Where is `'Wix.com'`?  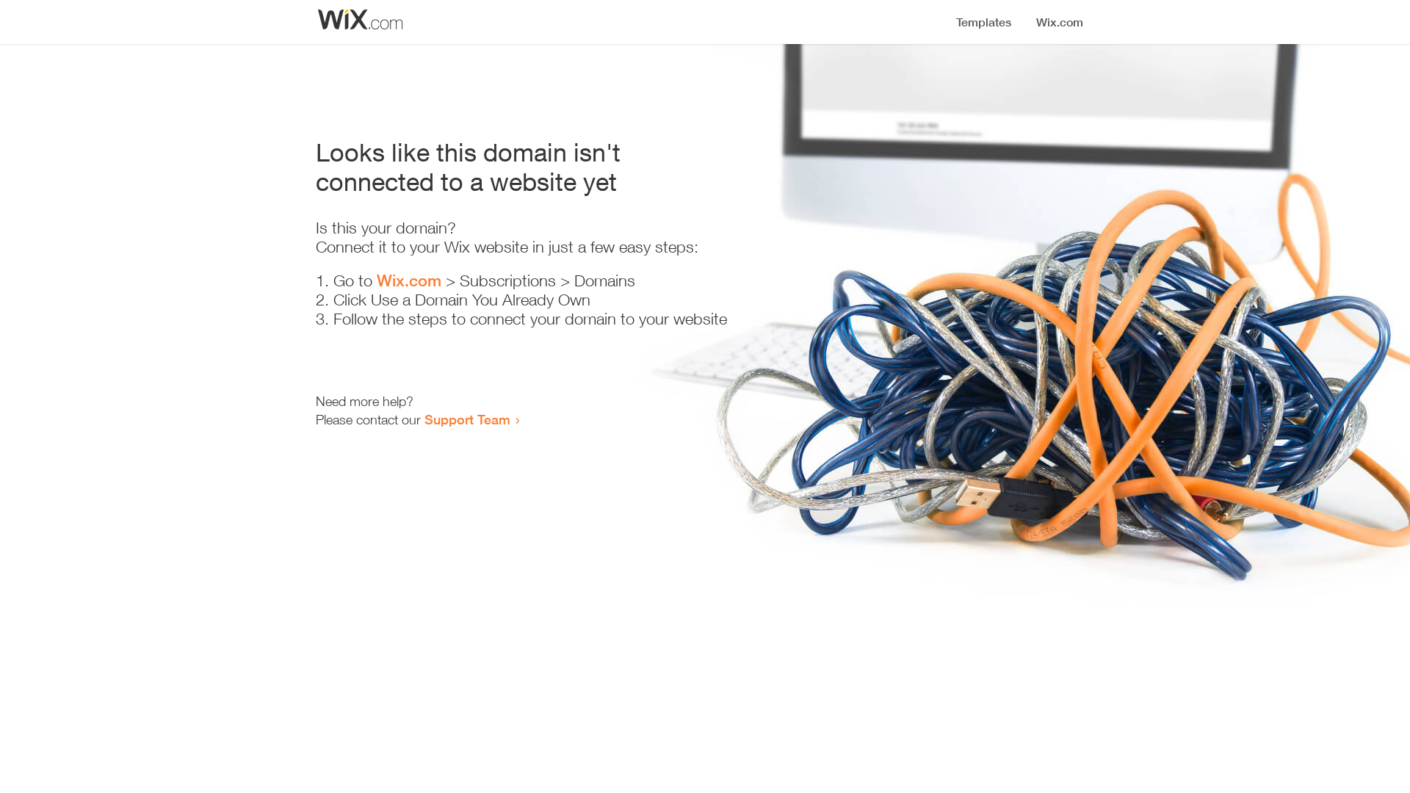 'Wix.com' is located at coordinates (408, 280).